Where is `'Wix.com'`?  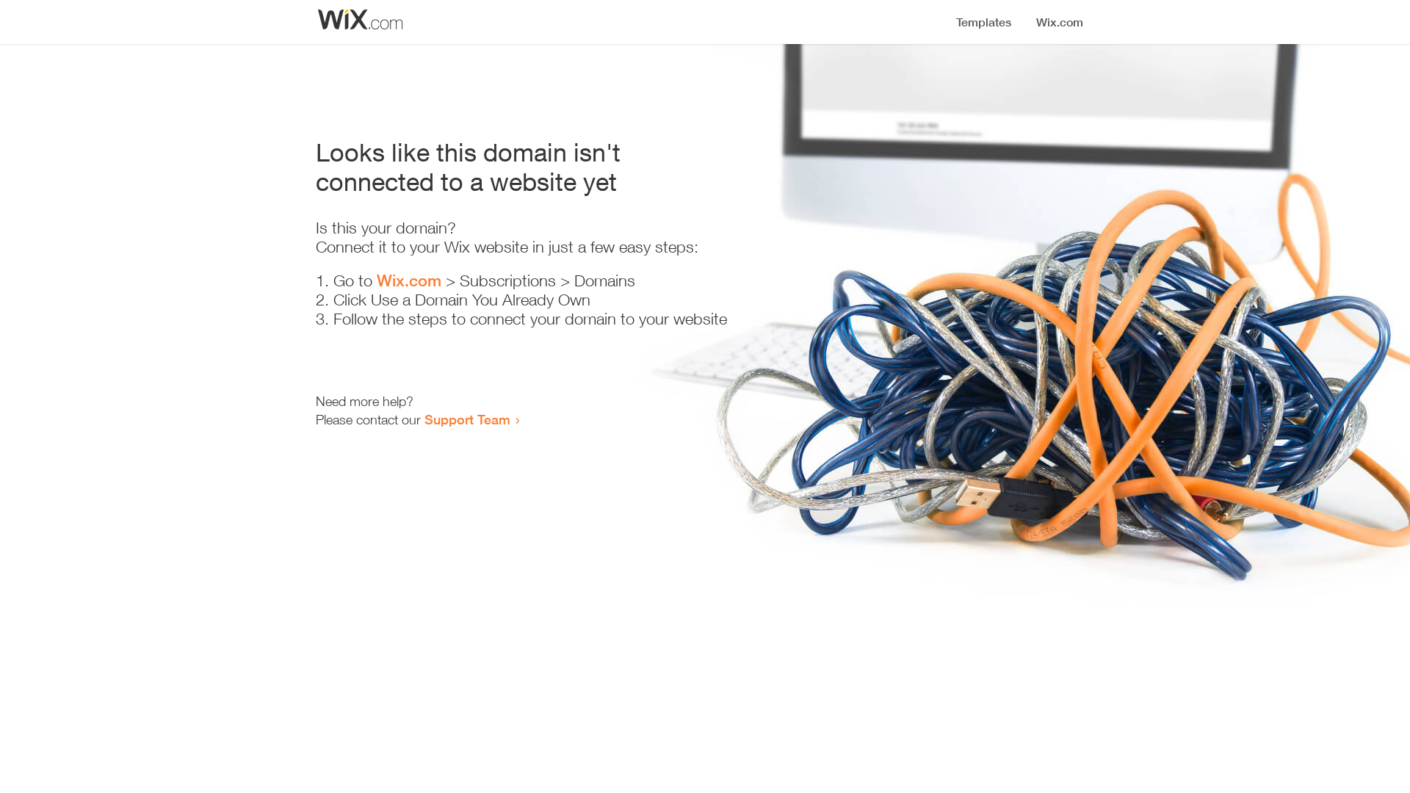 'Wix.com' is located at coordinates (408, 280).